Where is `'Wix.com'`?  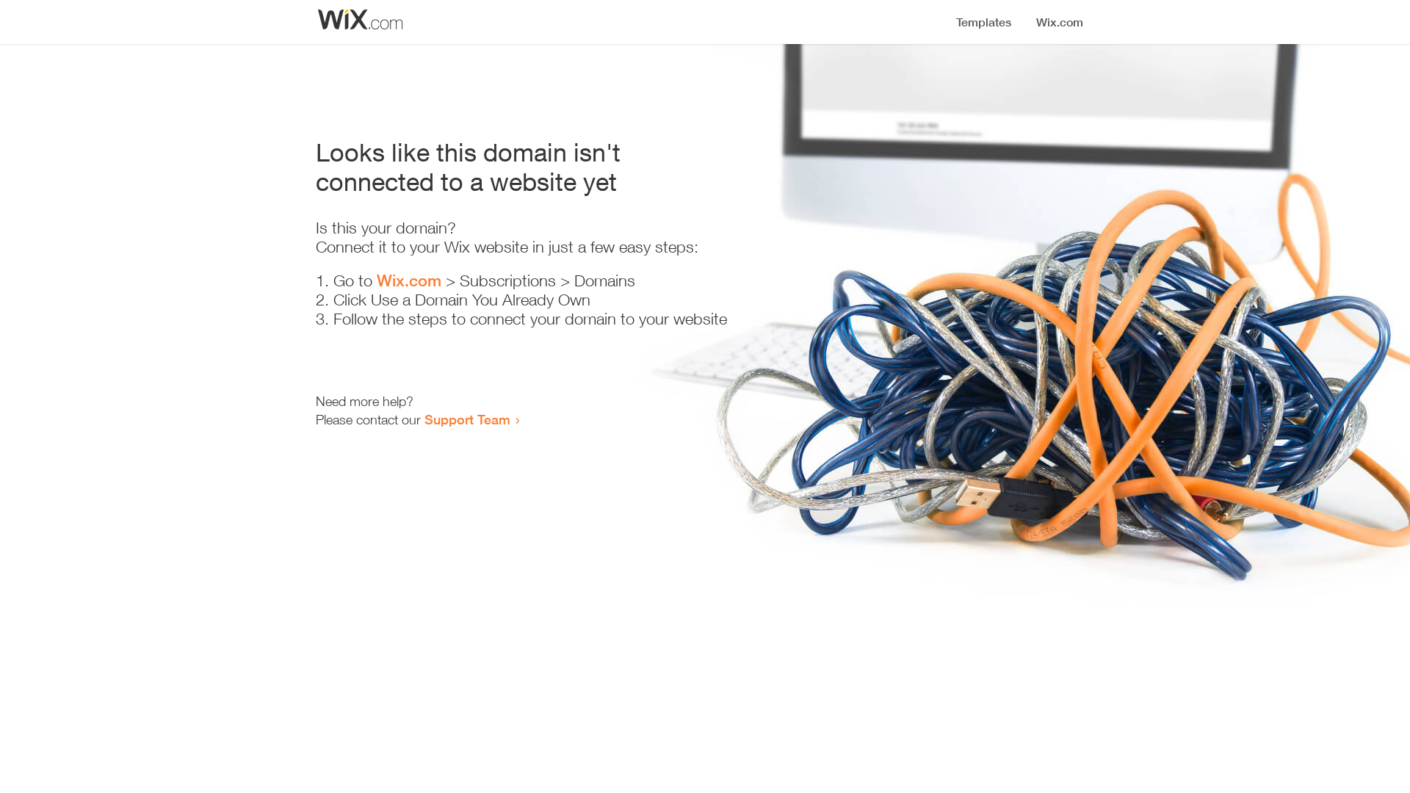 'Wix.com' is located at coordinates (408, 280).